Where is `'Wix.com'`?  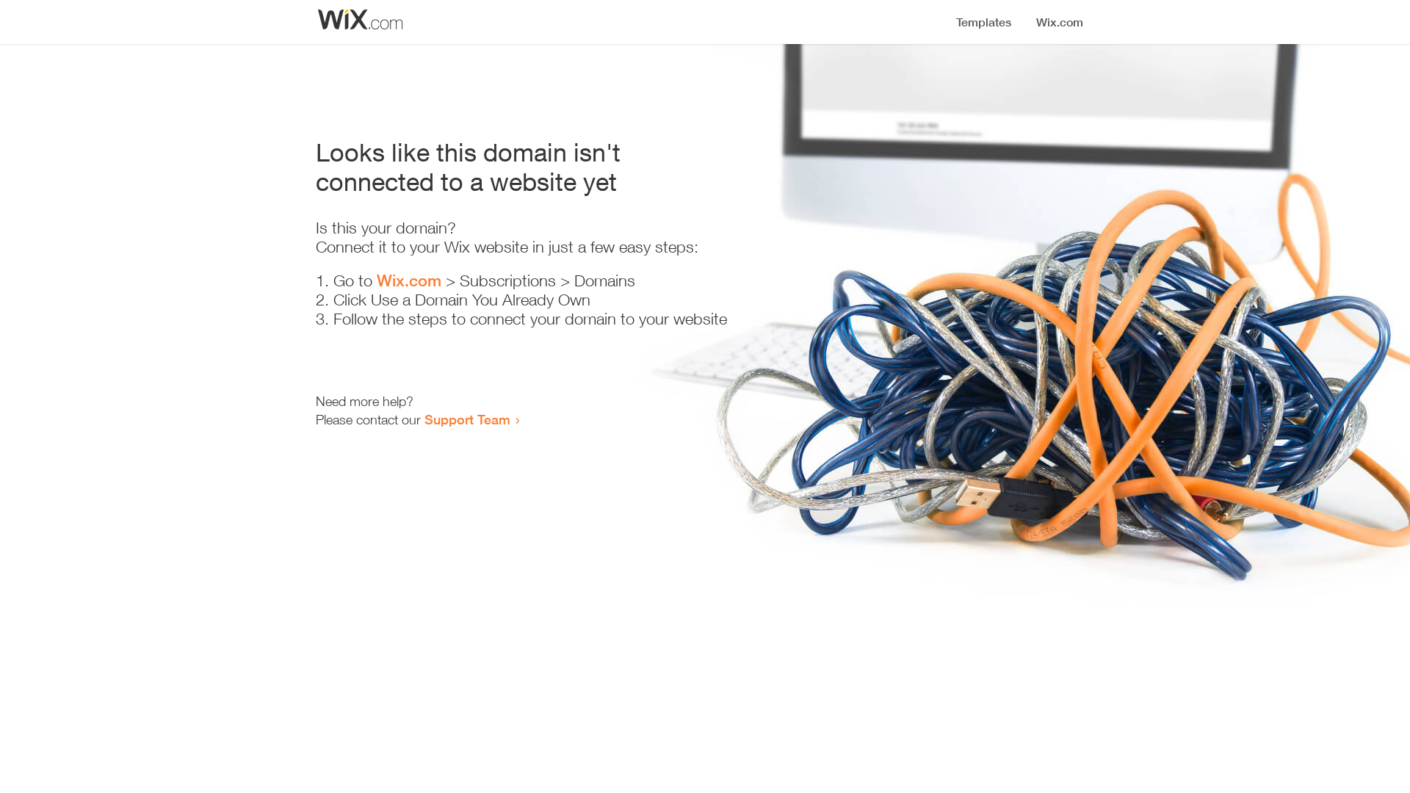 'Wix.com' is located at coordinates (408, 280).